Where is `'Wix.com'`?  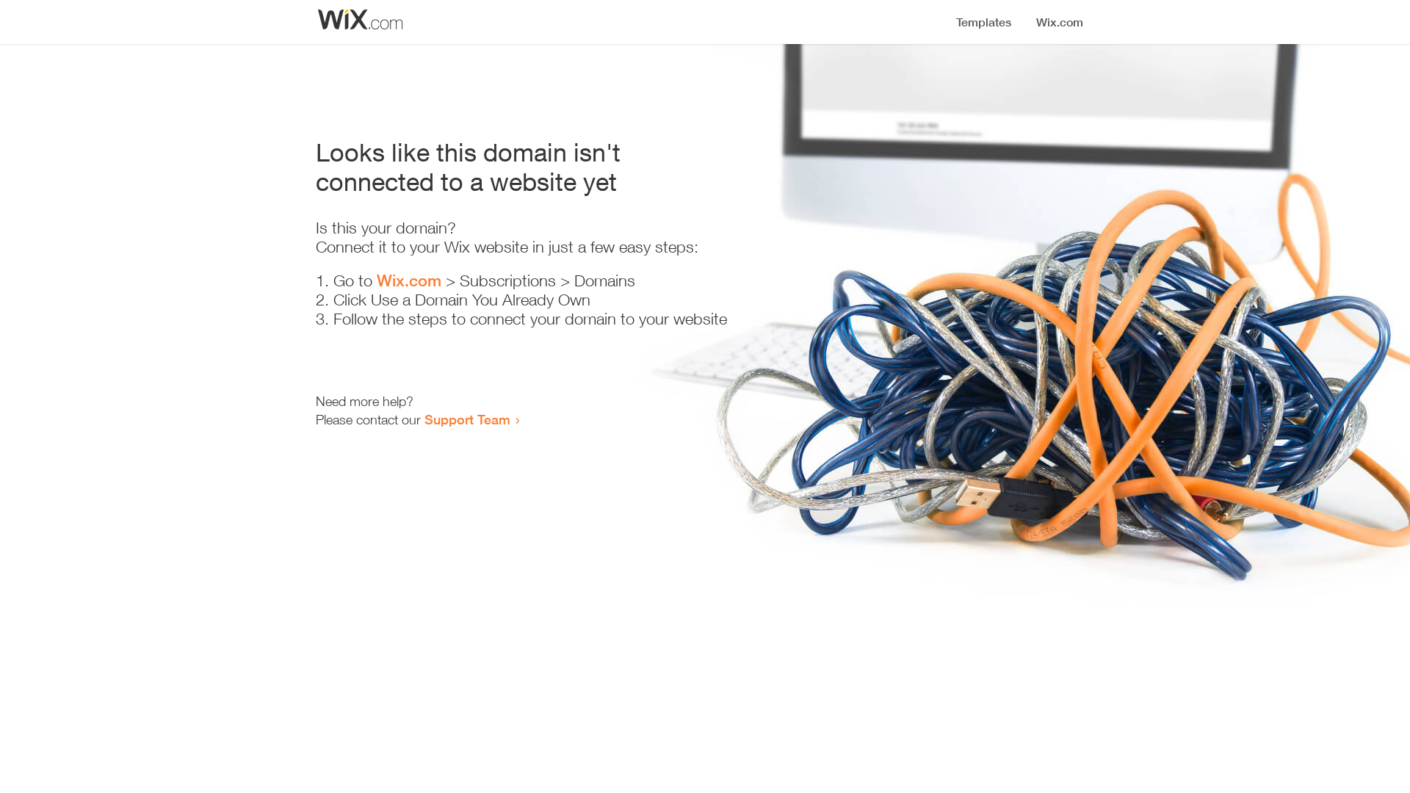 'Wix.com' is located at coordinates (408, 280).